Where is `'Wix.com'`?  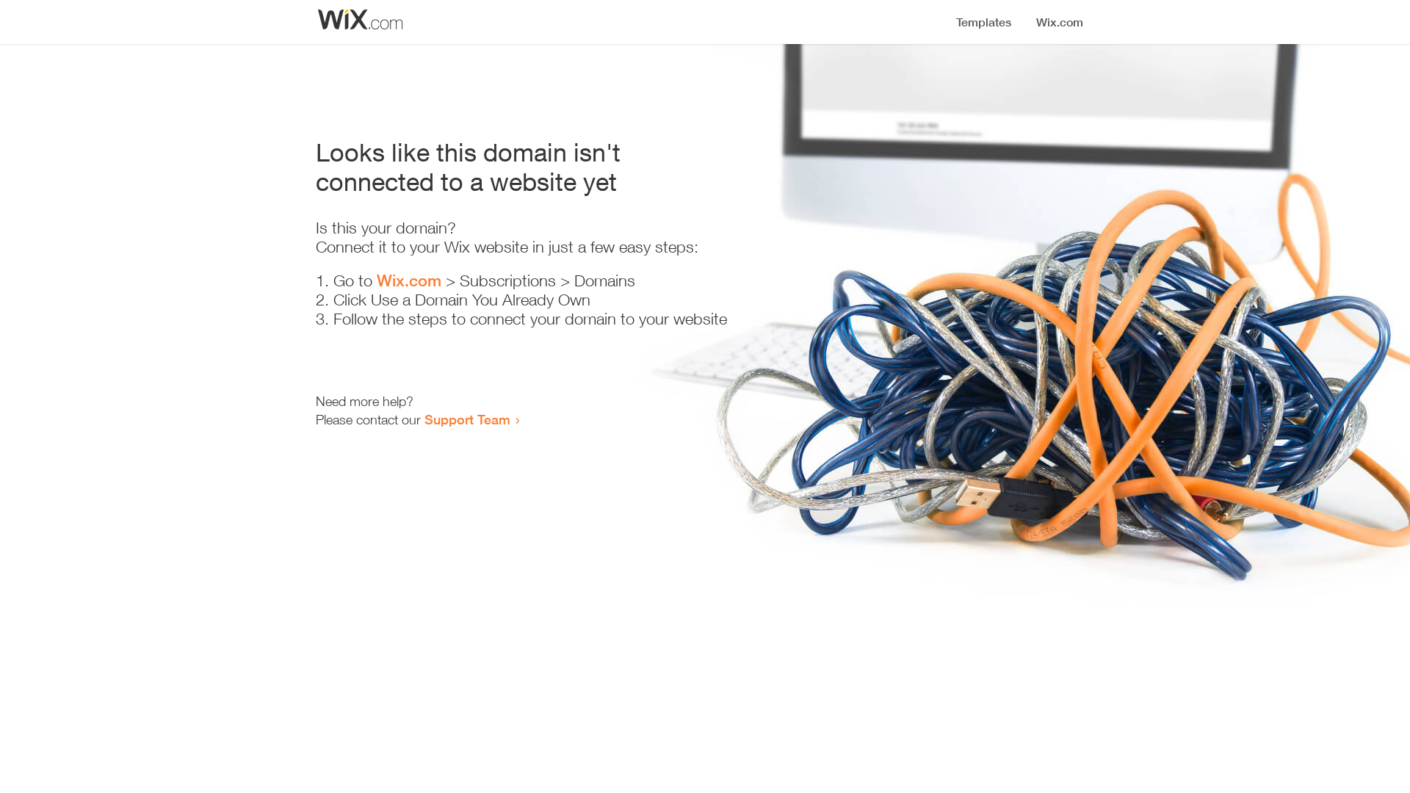 'Wix.com' is located at coordinates (408, 280).